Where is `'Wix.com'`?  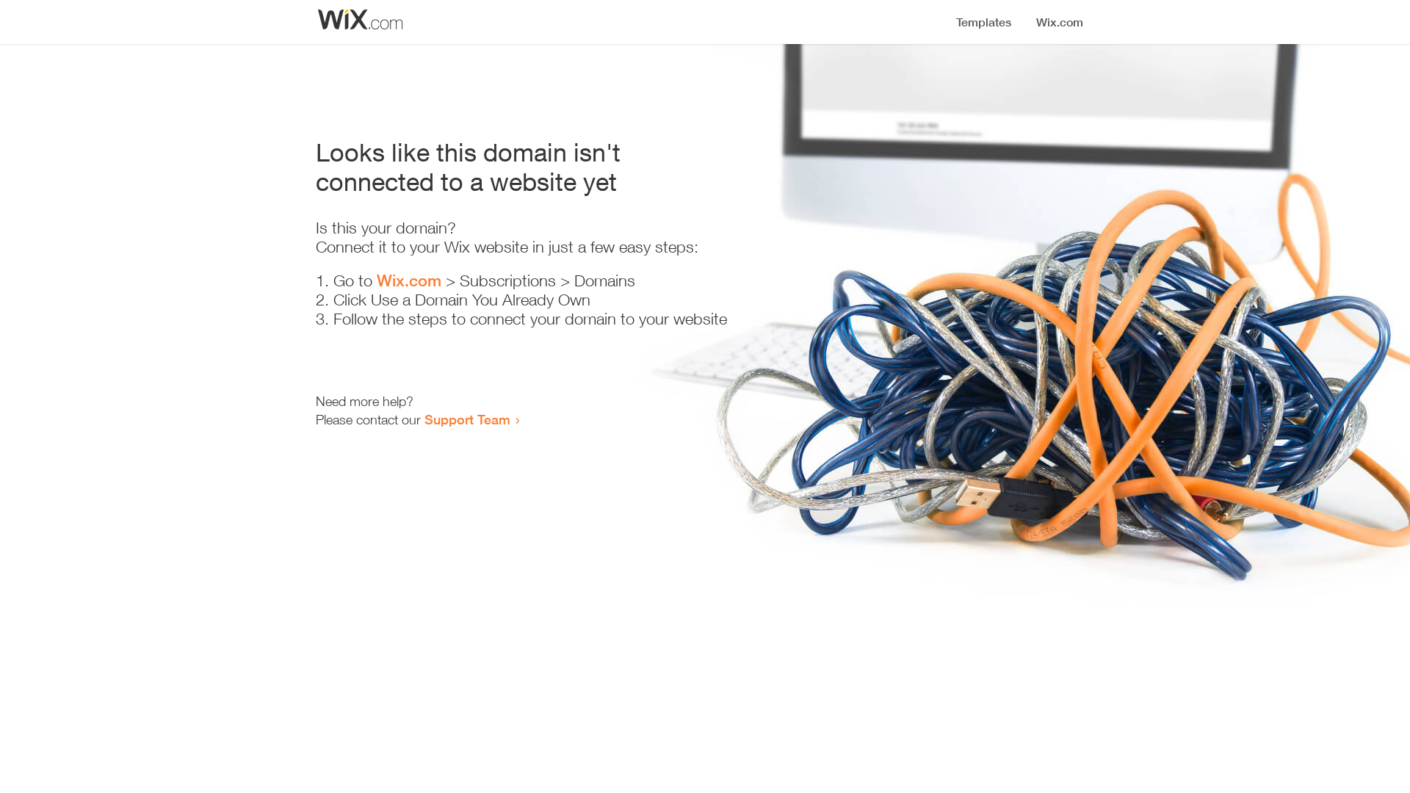 'Wix.com' is located at coordinates (408, 280).